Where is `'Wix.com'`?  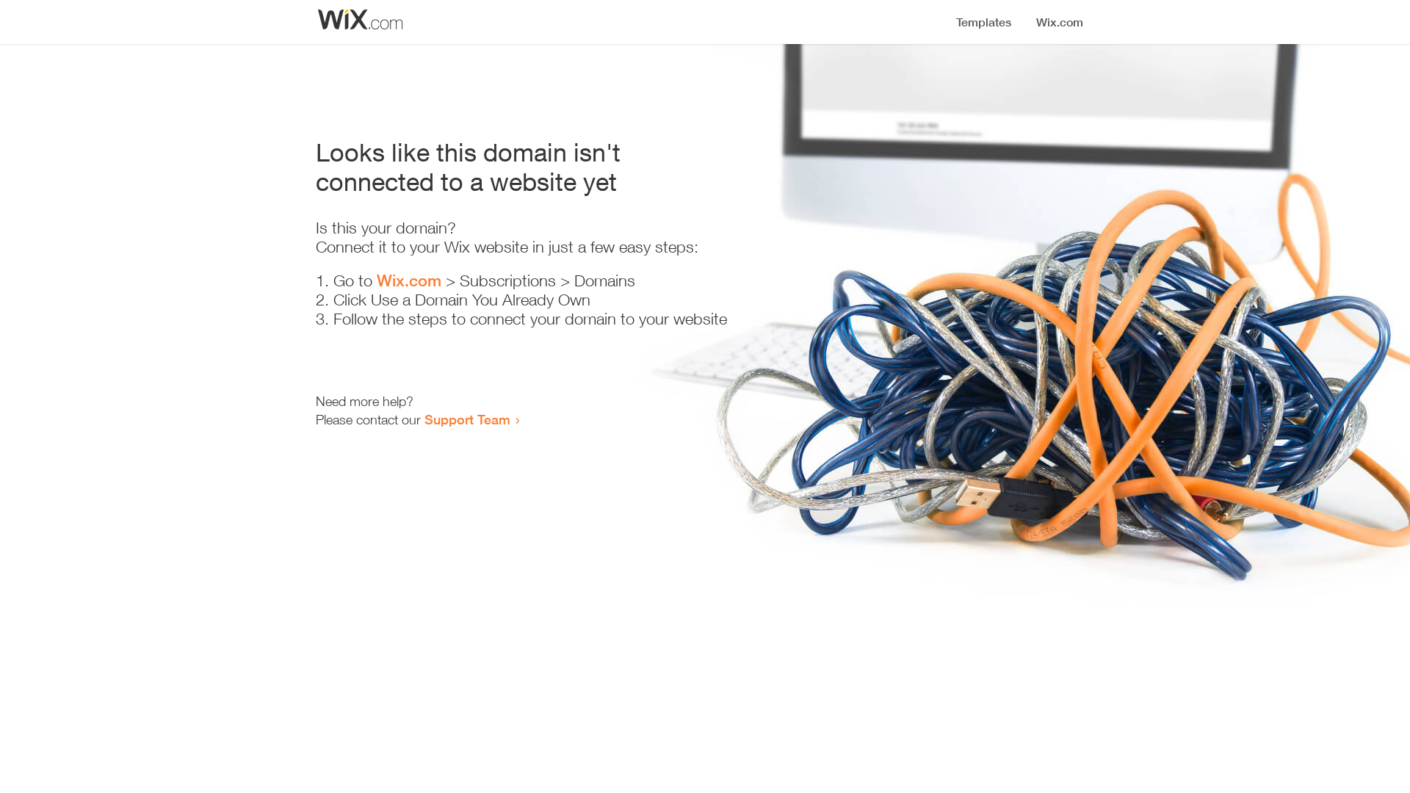 'Wix.com' is located at coordinates (408, 280).